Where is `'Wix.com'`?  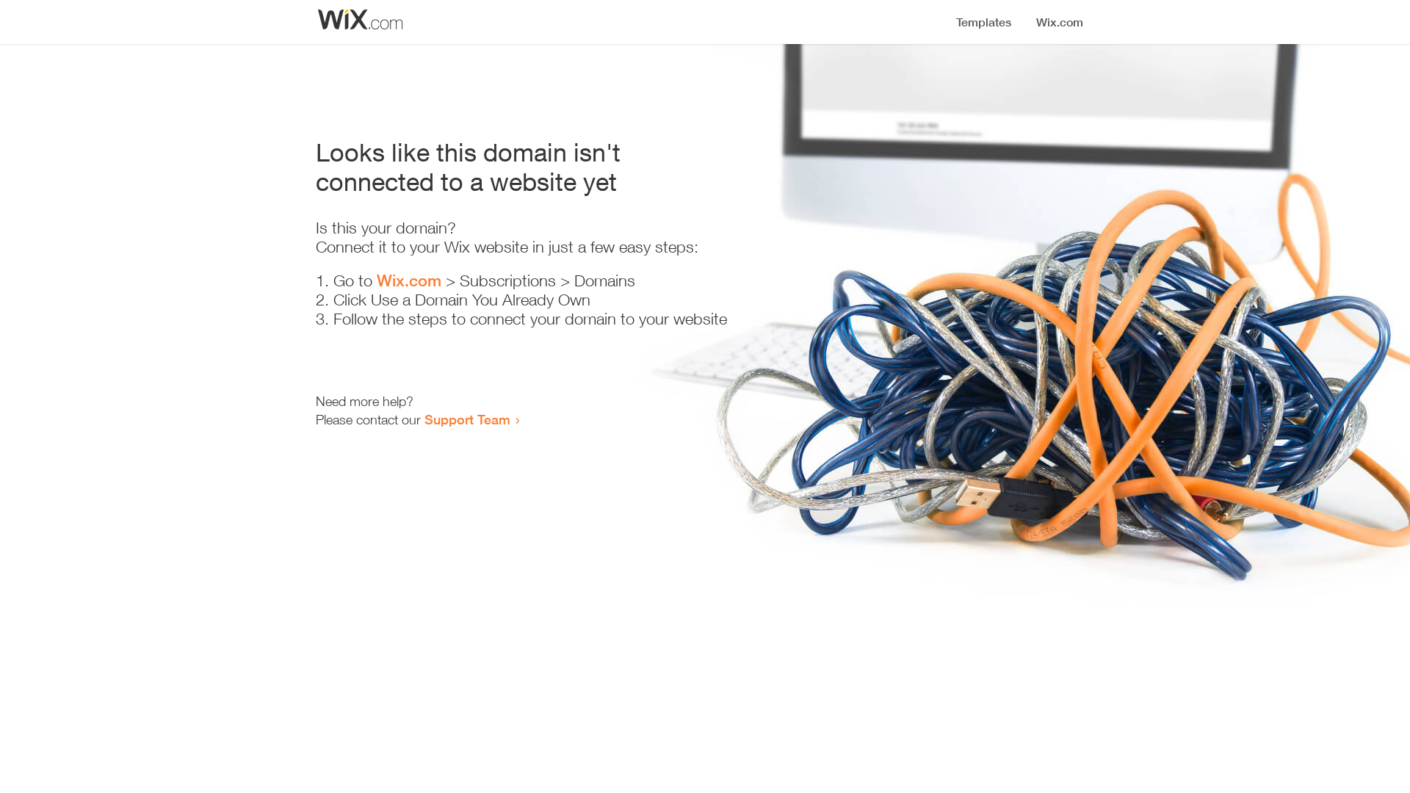 'Wix.com' is located at coordinates (408, 280).